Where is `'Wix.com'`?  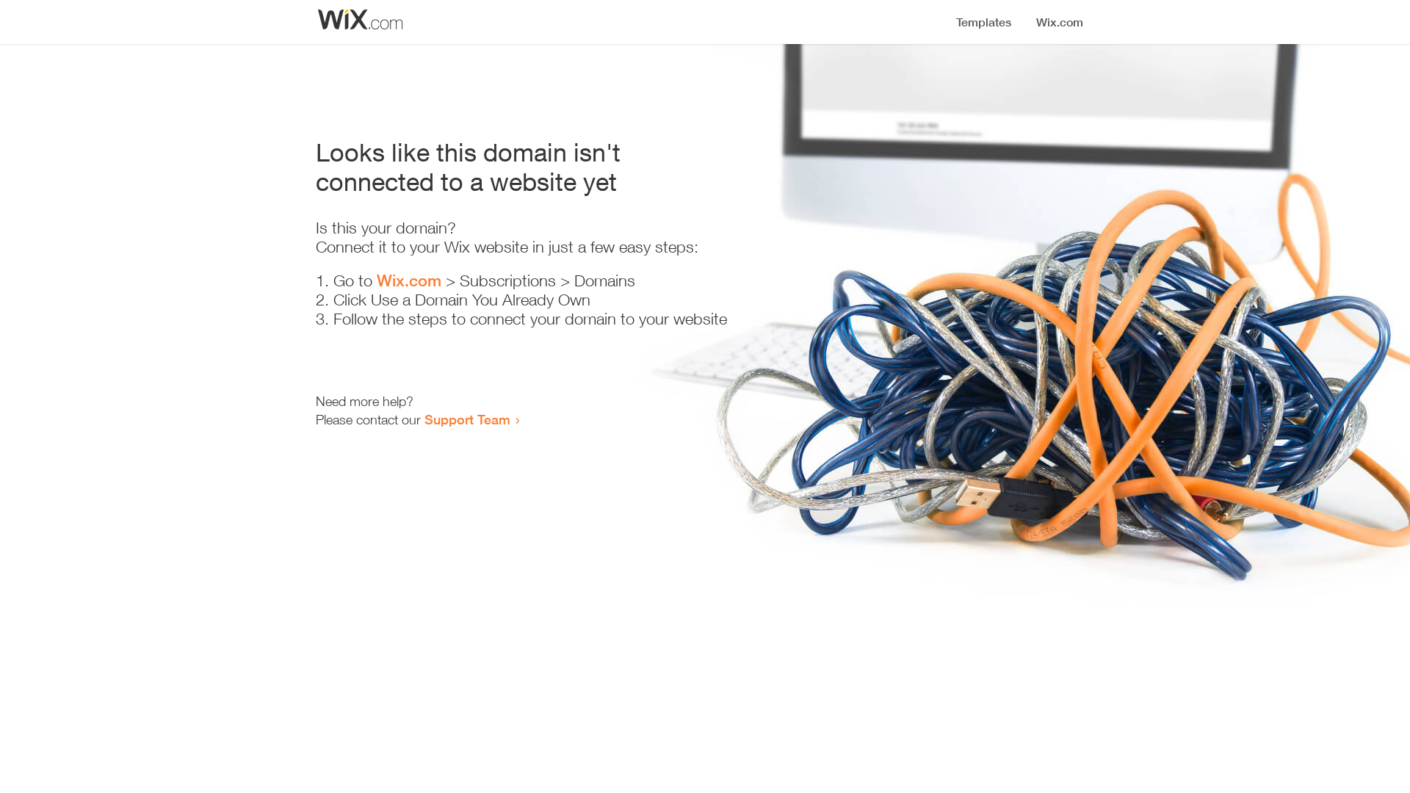 'Wix.com' is located at coordinates (408, 280).